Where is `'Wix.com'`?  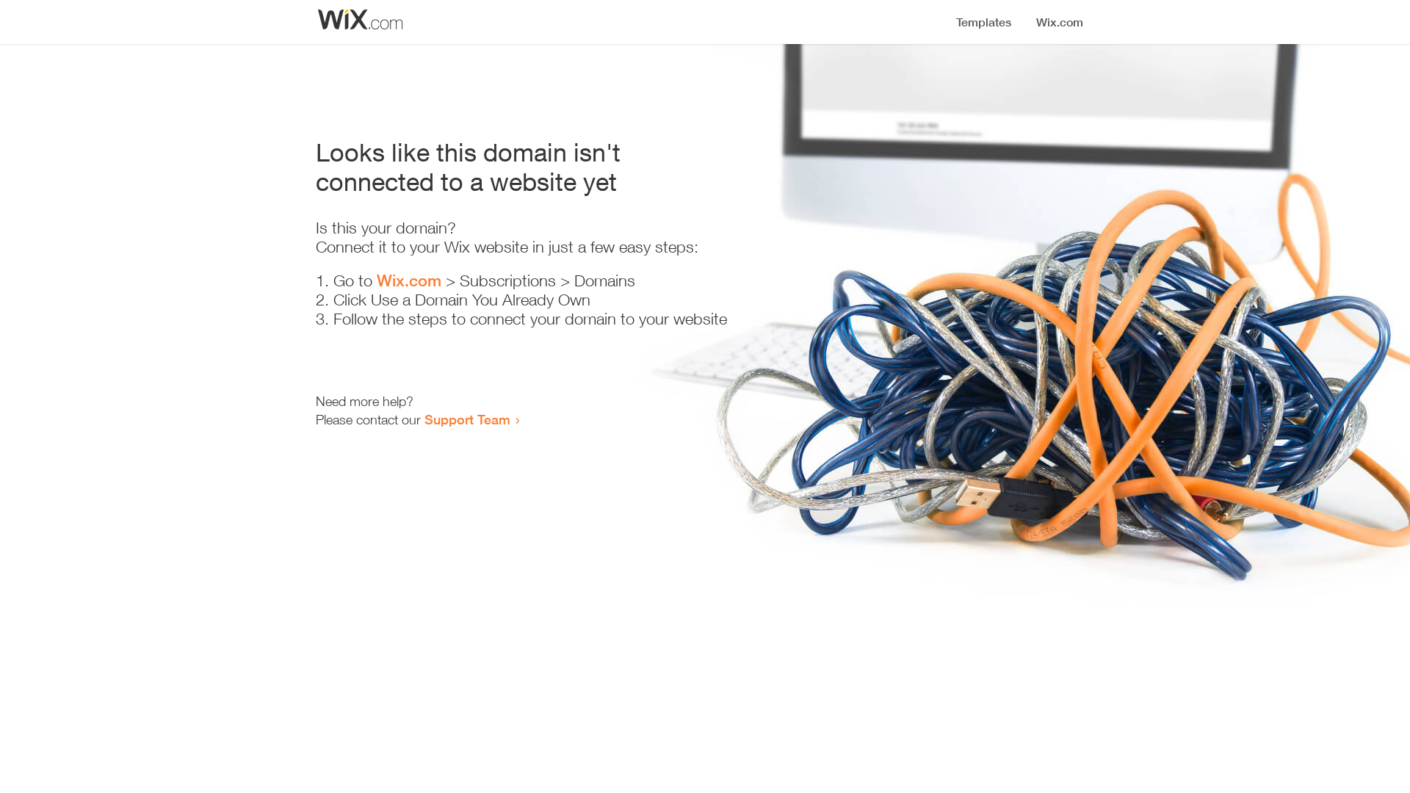 'Wix.com' is located at coordinates (408, 280).